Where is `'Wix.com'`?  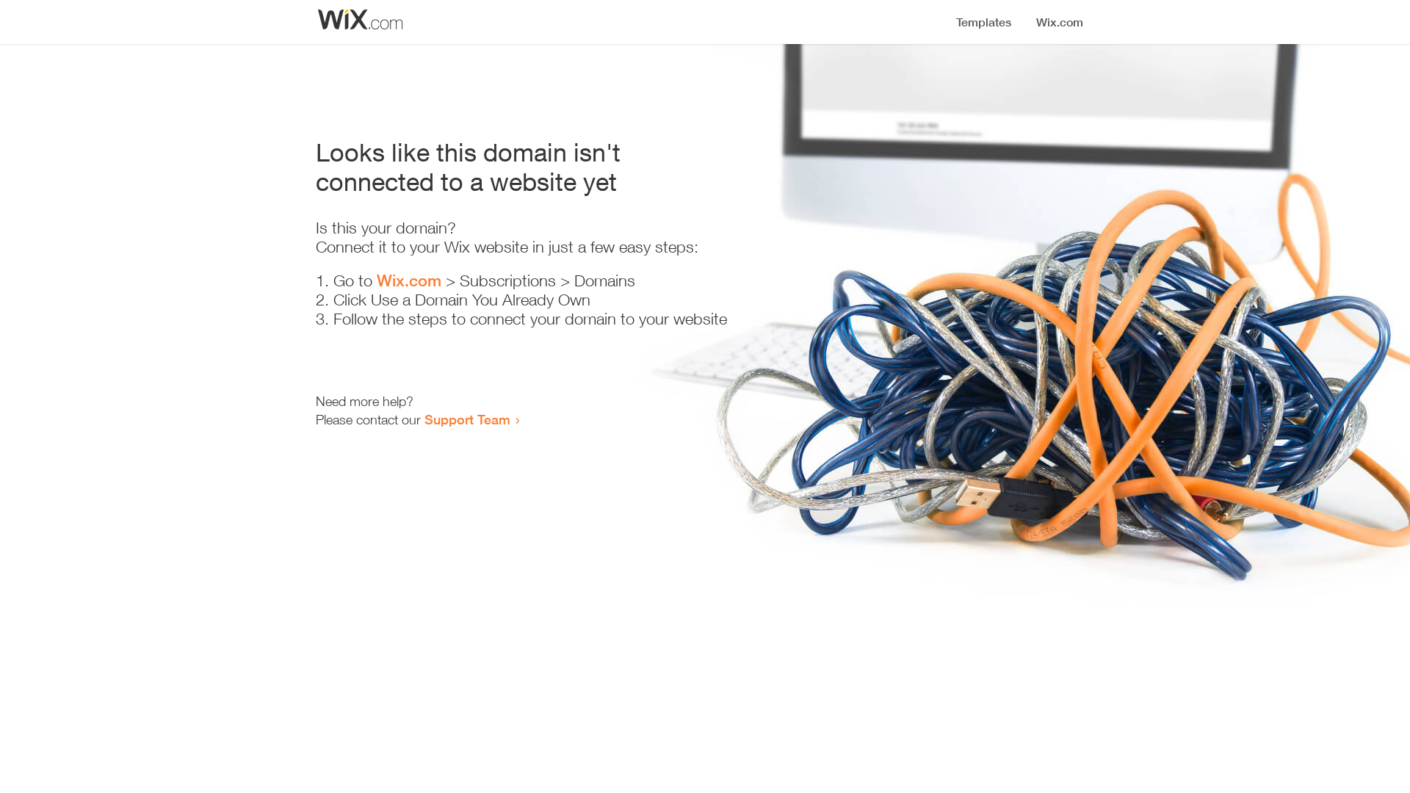 'Wix.com' is located at coordinates (408, 280).